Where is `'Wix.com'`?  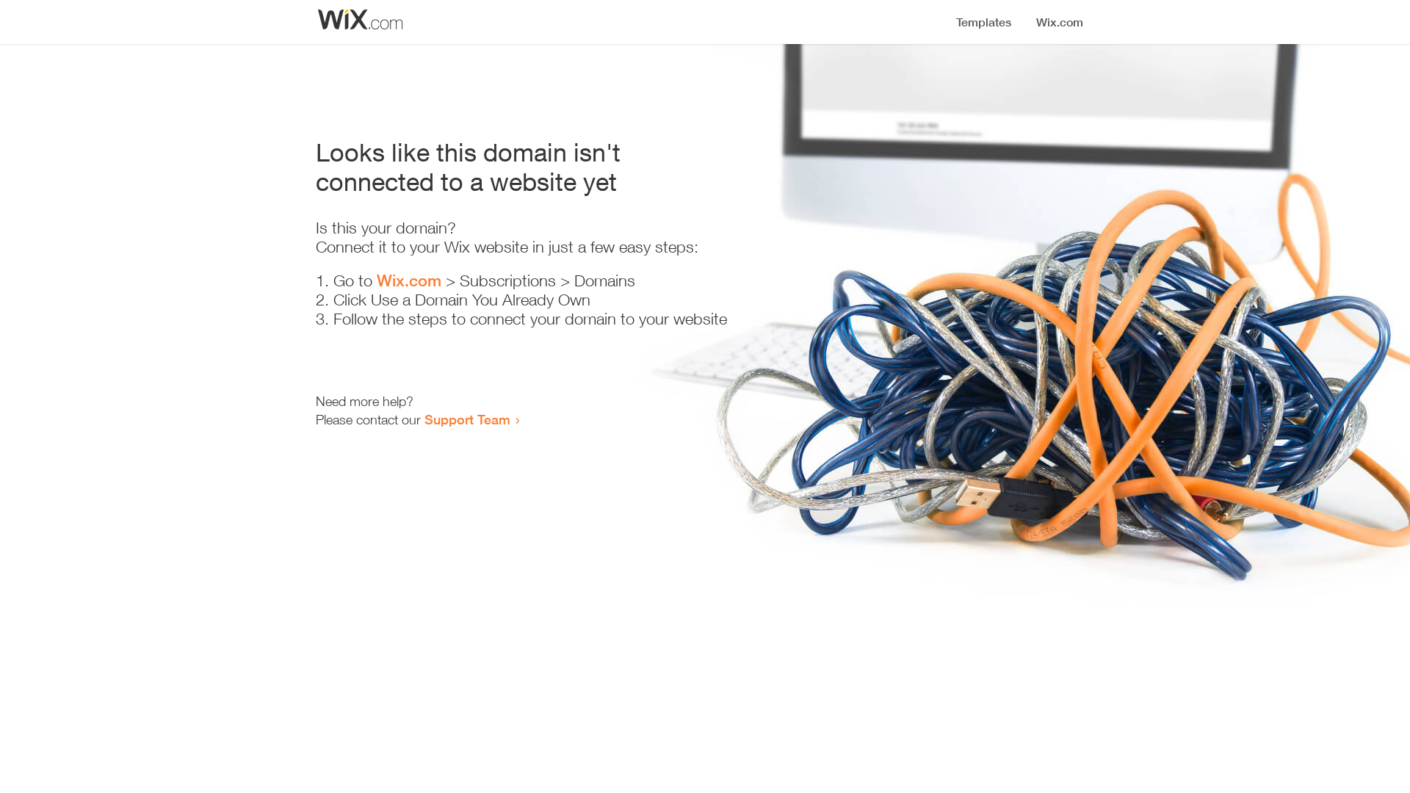 'Wix.com' is located at coordinates (408, 280).